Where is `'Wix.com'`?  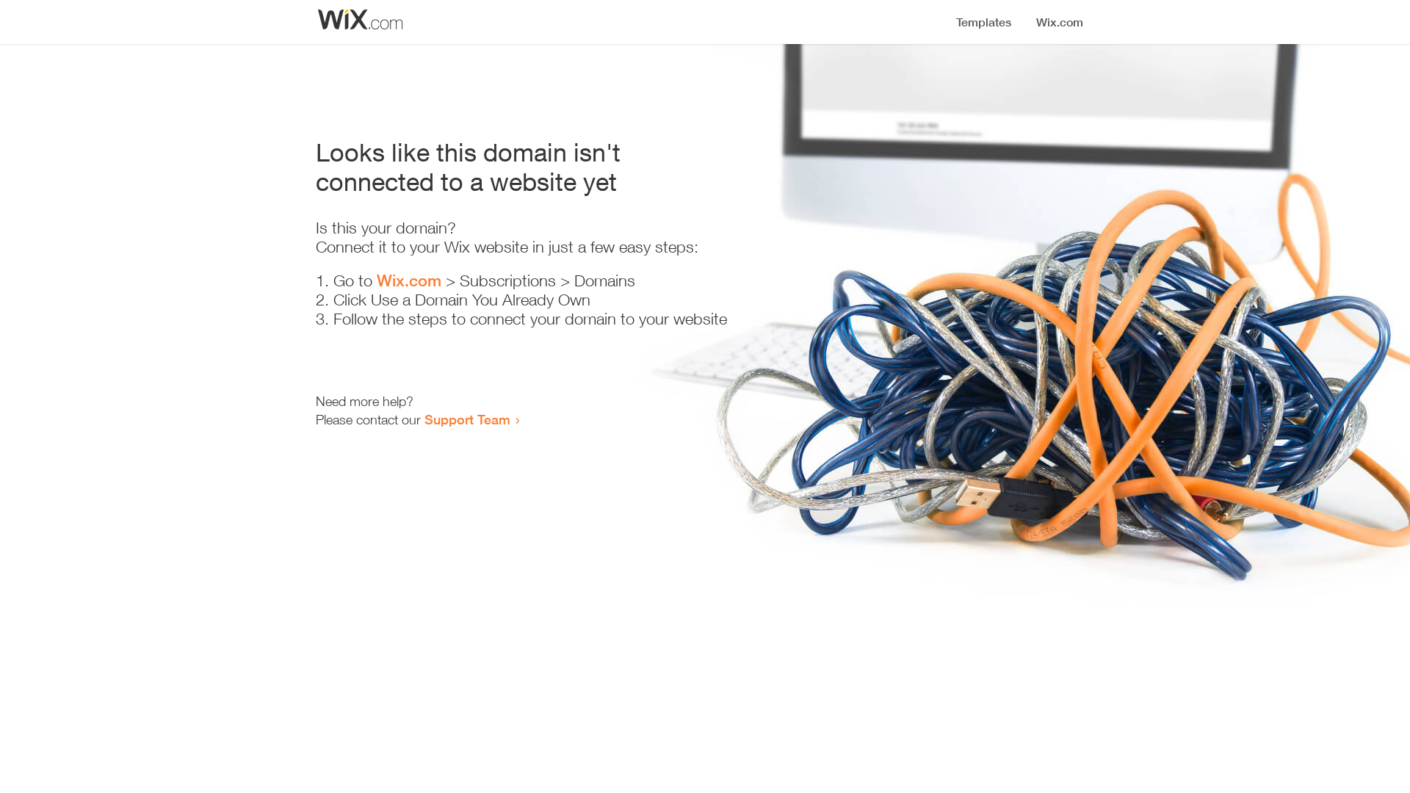 'Wix.com' is located at coordinates (408, 280).